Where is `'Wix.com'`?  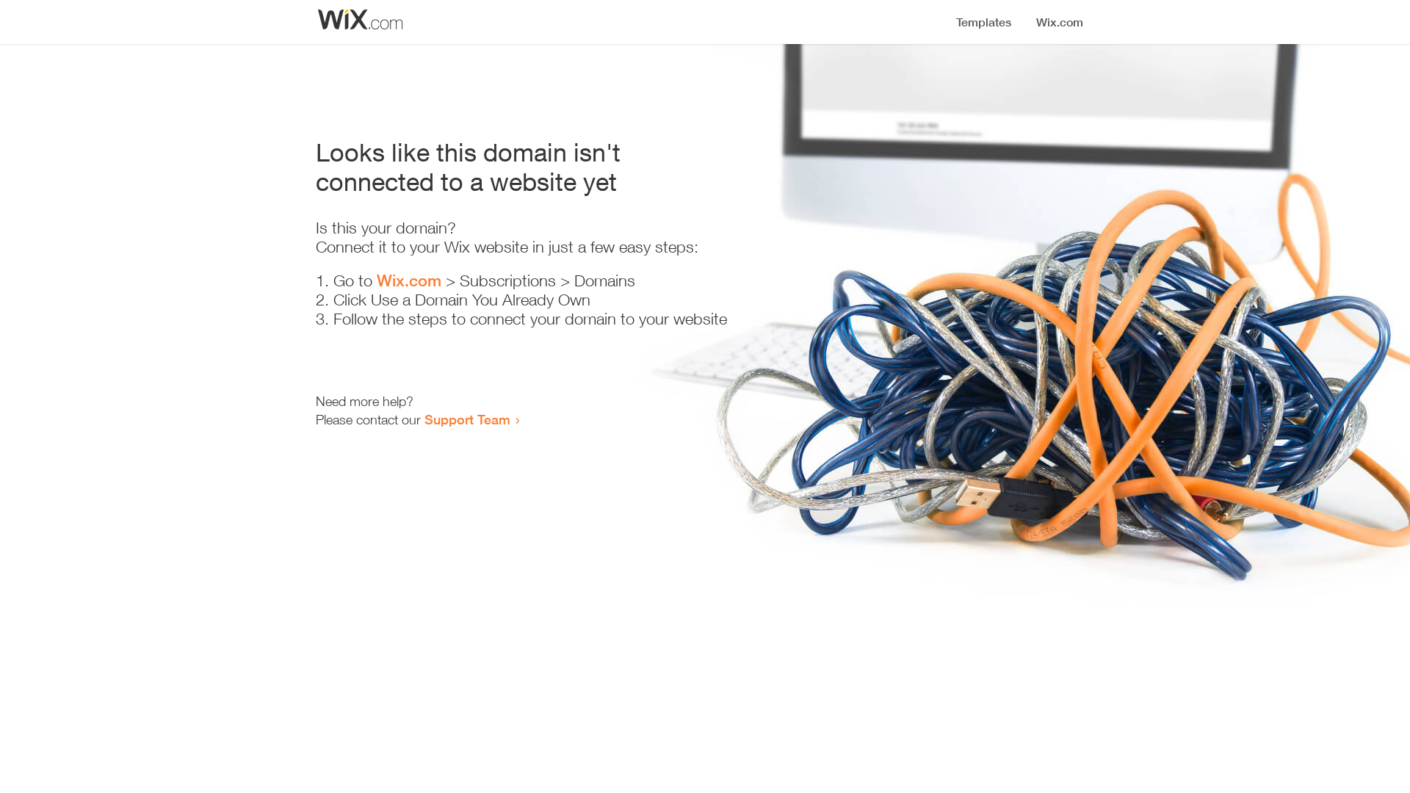 'Wix.com' is located at coordinates (408, 280).